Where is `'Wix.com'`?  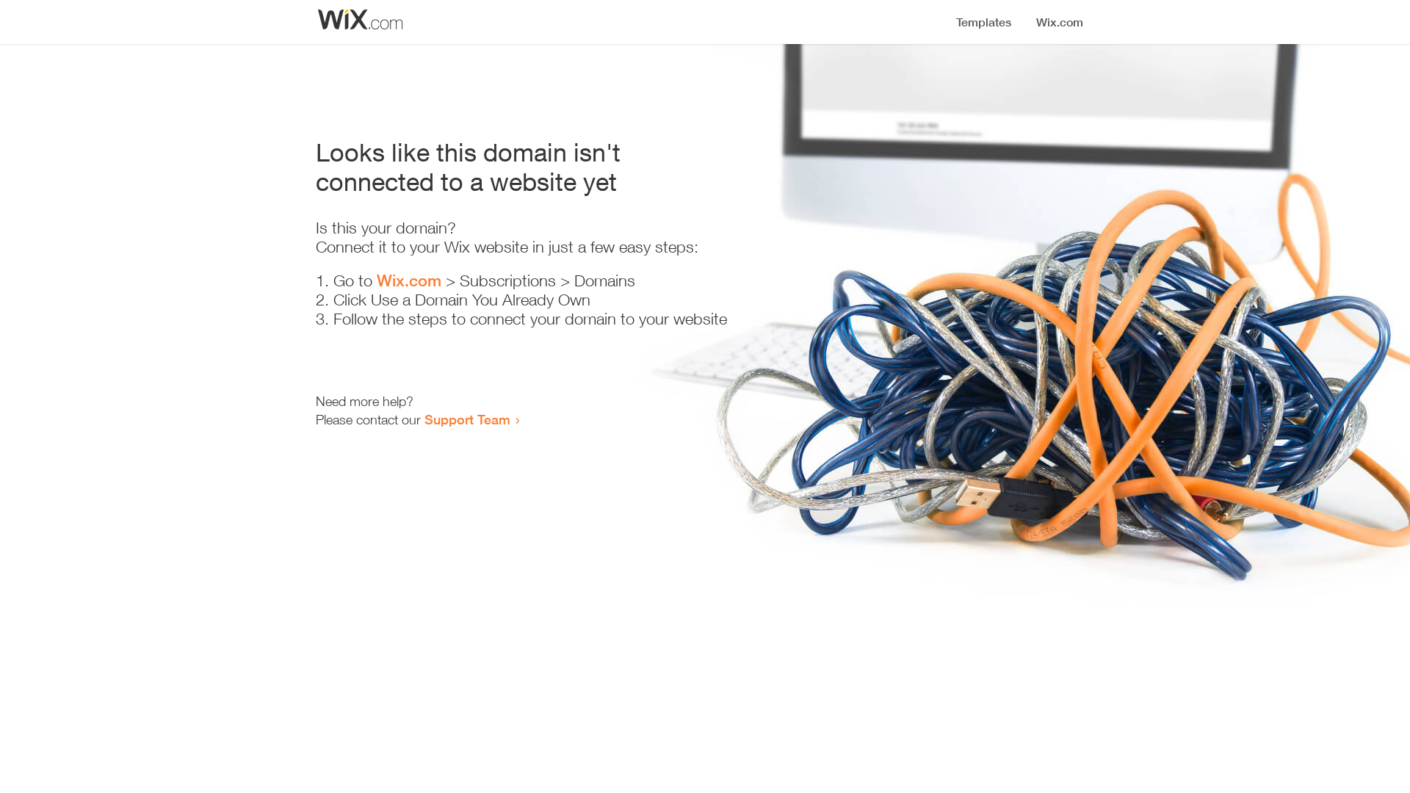 'Wix.com' is located at coordinates (408, 280).